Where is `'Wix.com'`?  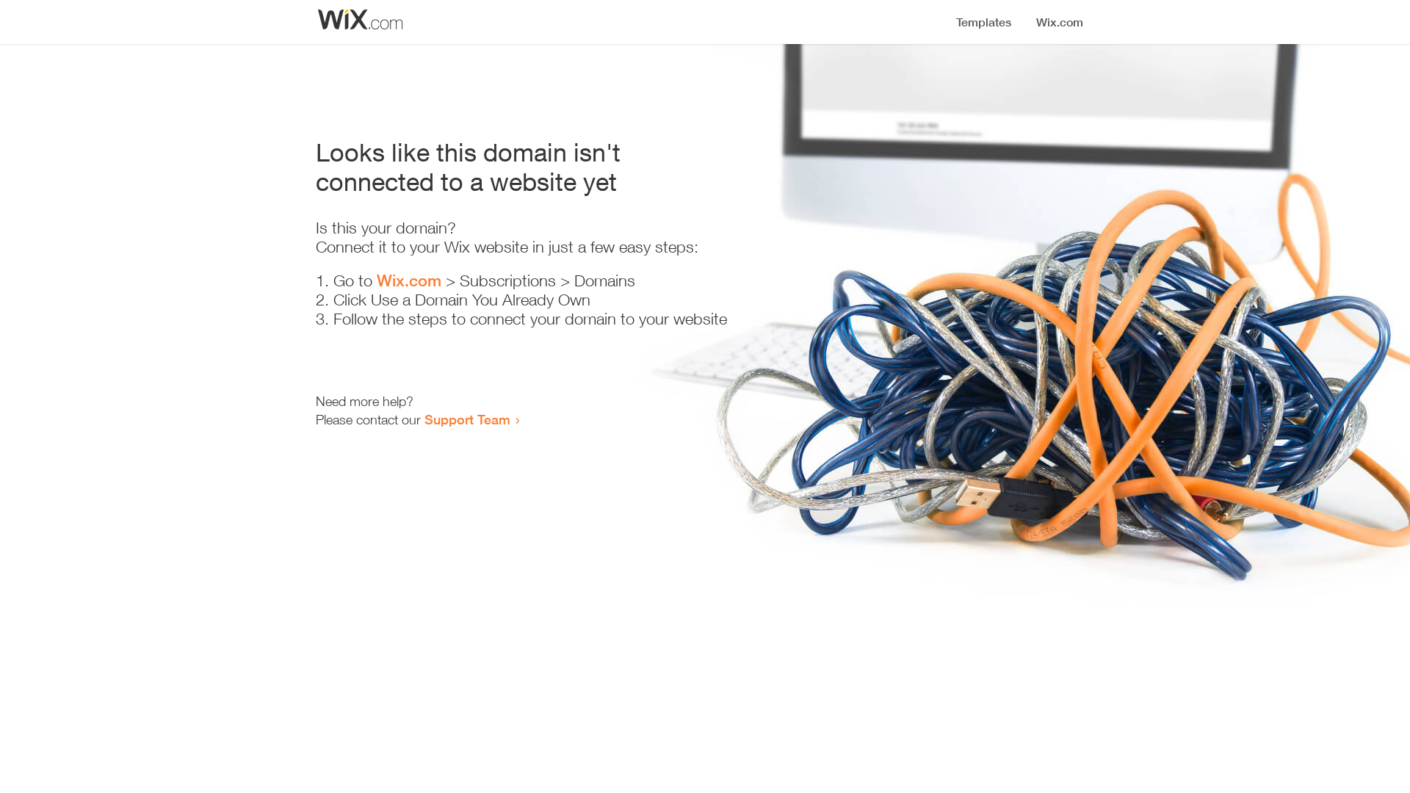 'Wix.com' is located at coordinates (408, 280).